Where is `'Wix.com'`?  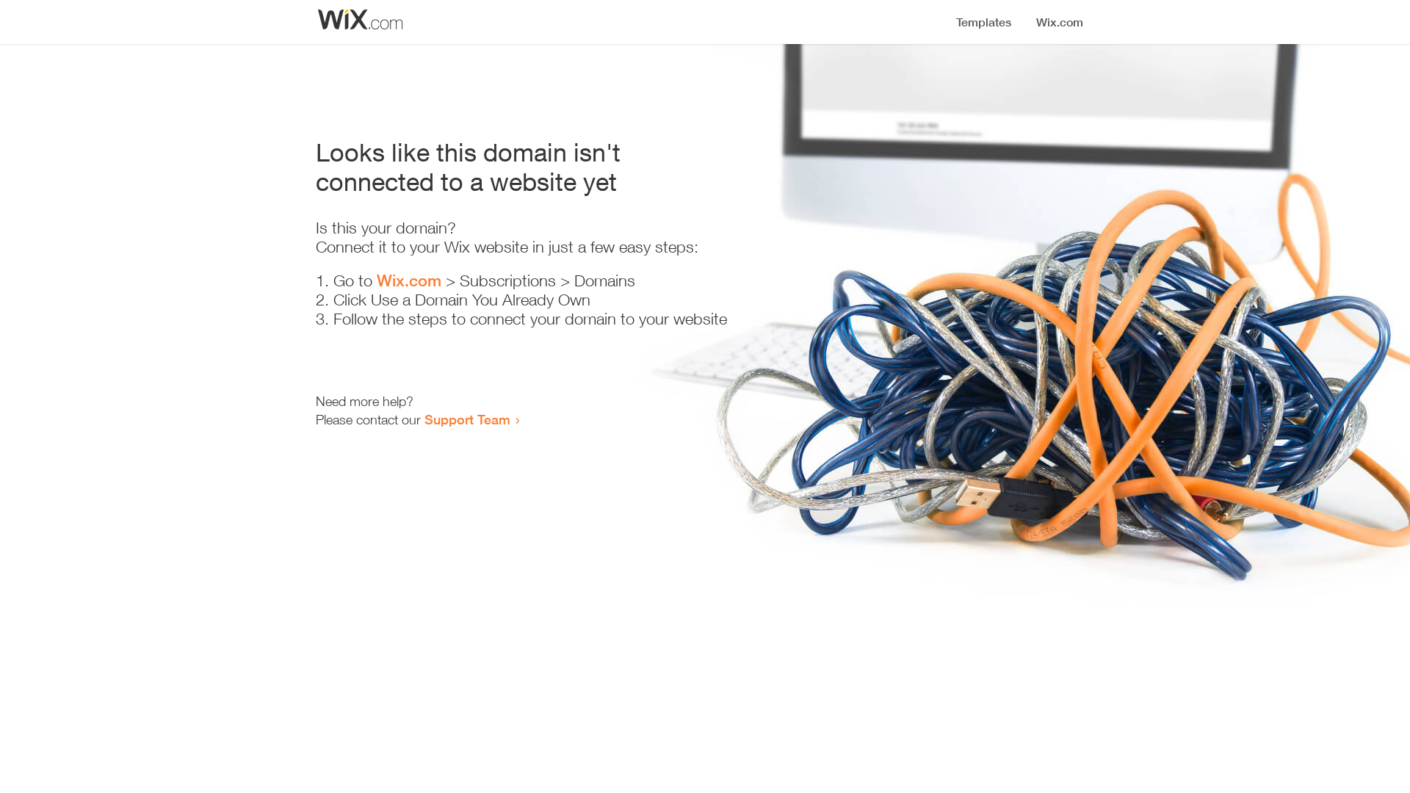 'Wix.com' is located at coordinates (408, 280).